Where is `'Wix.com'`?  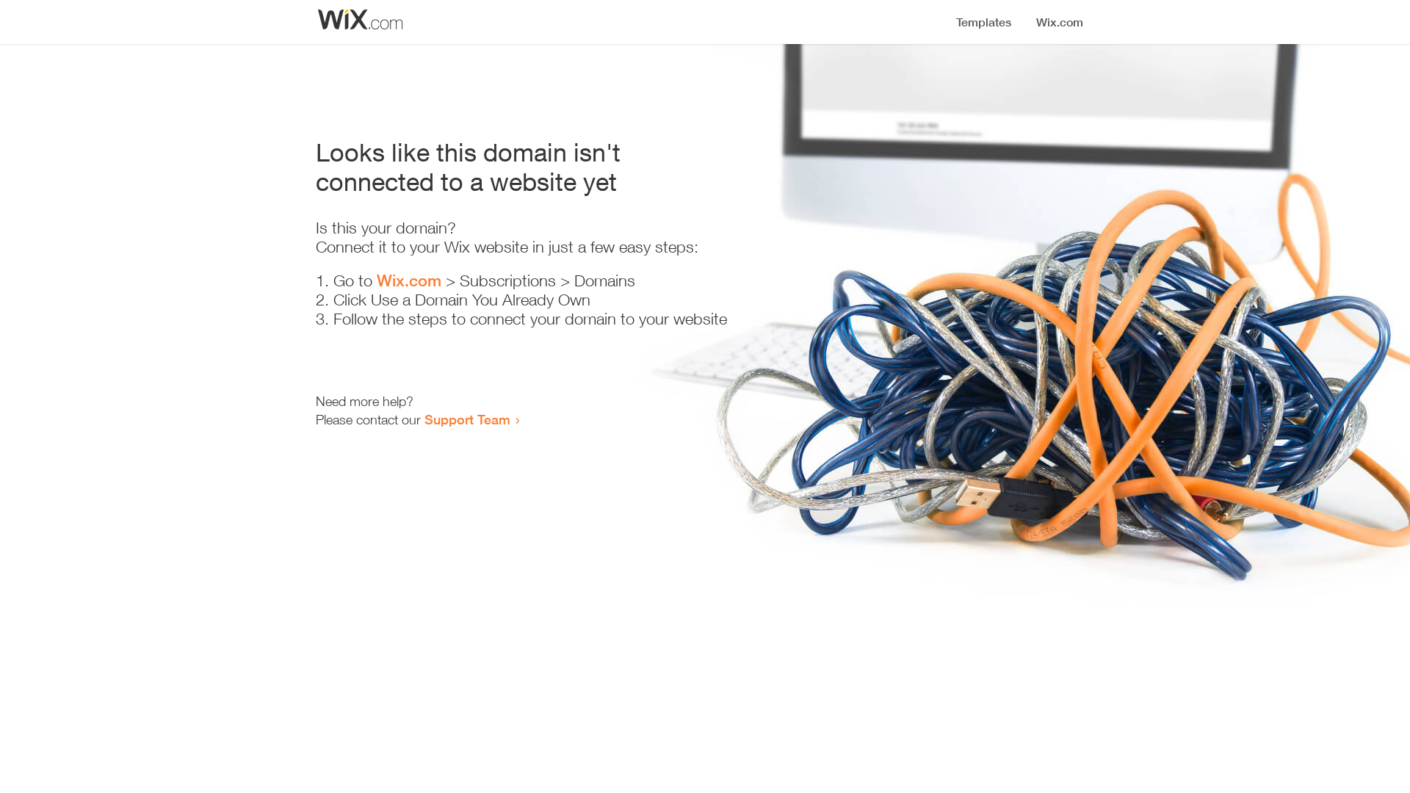 'Wix.com' is located at coordinates (408, 280).